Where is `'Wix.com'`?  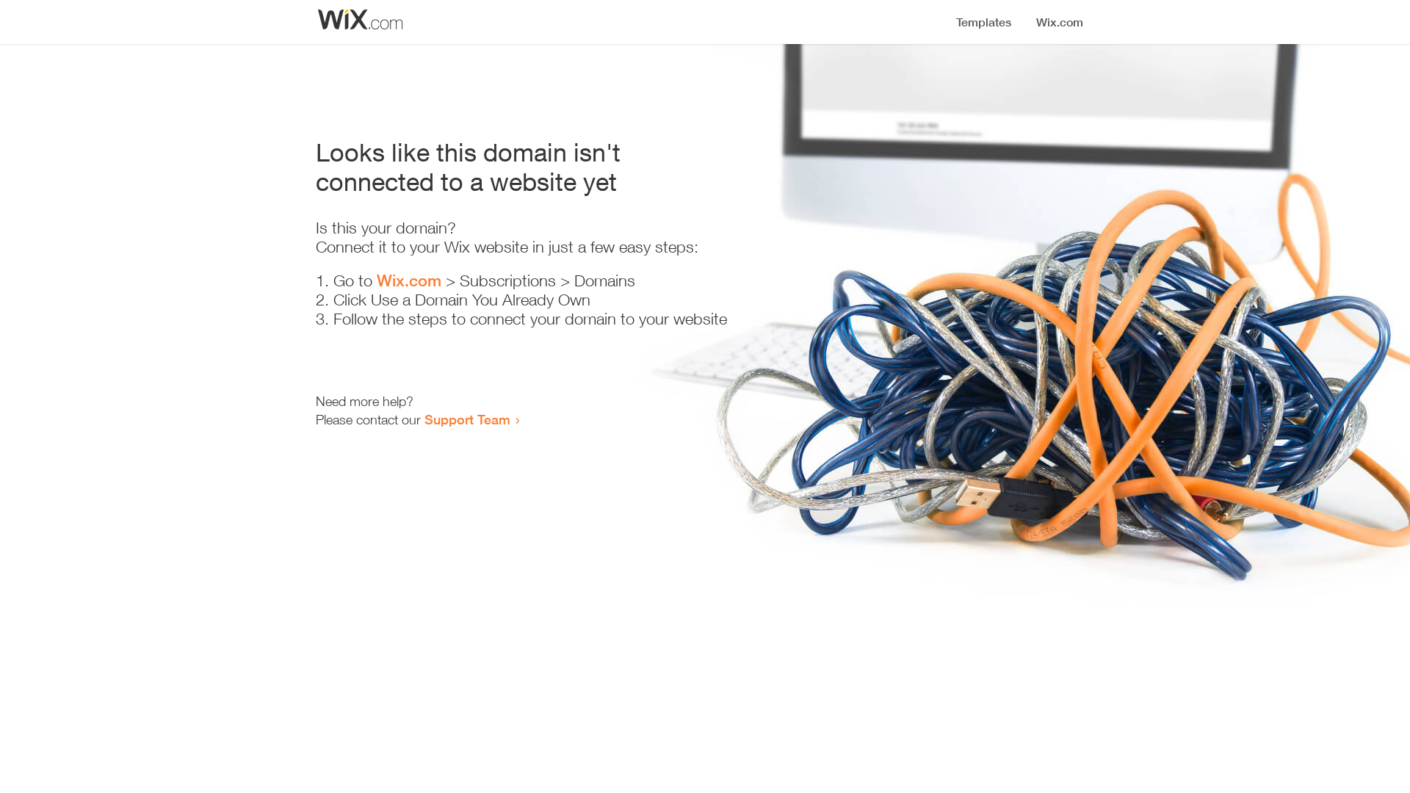 'Wix.com' is located at coordinates (408, 280).